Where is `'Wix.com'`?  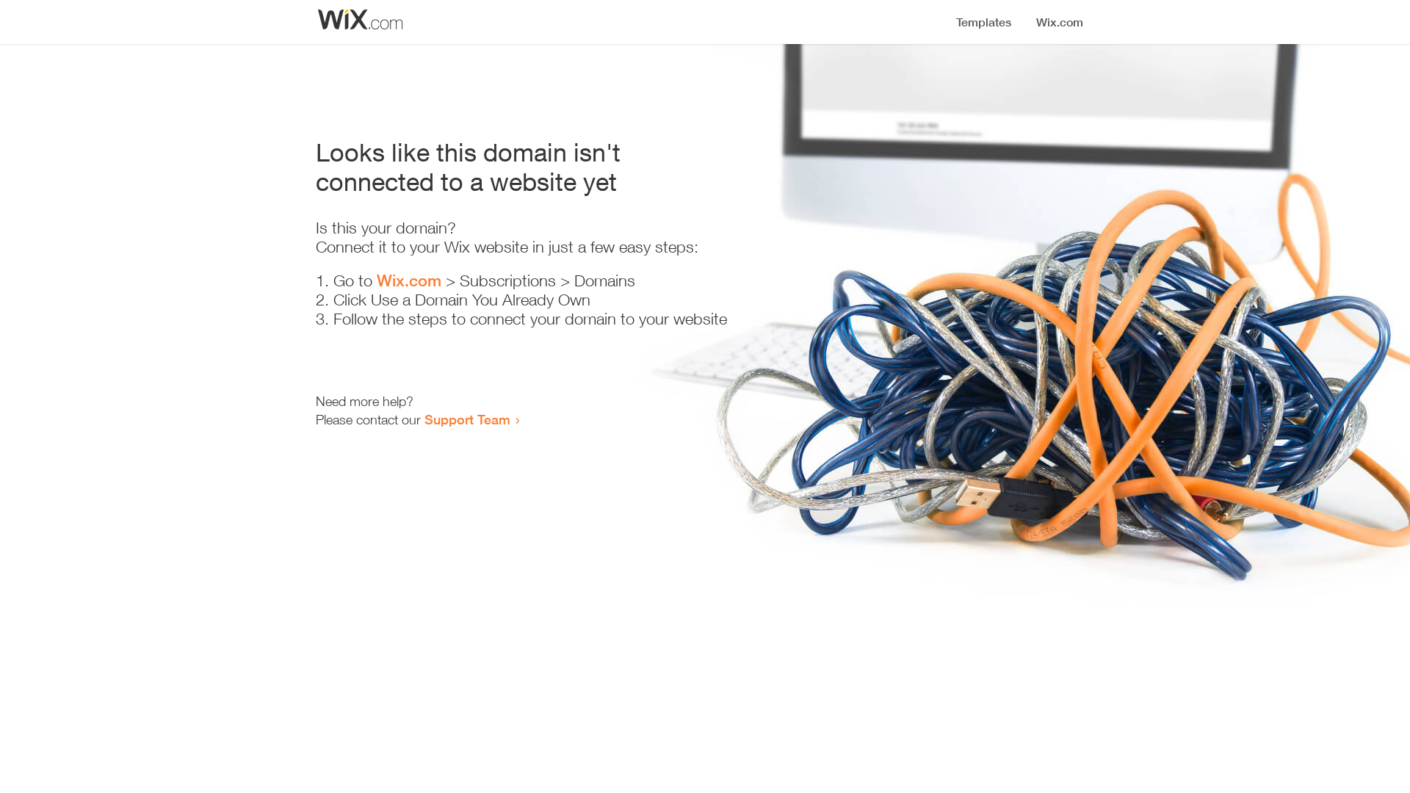 'Wix.com' is located at coordinates (408, 280).